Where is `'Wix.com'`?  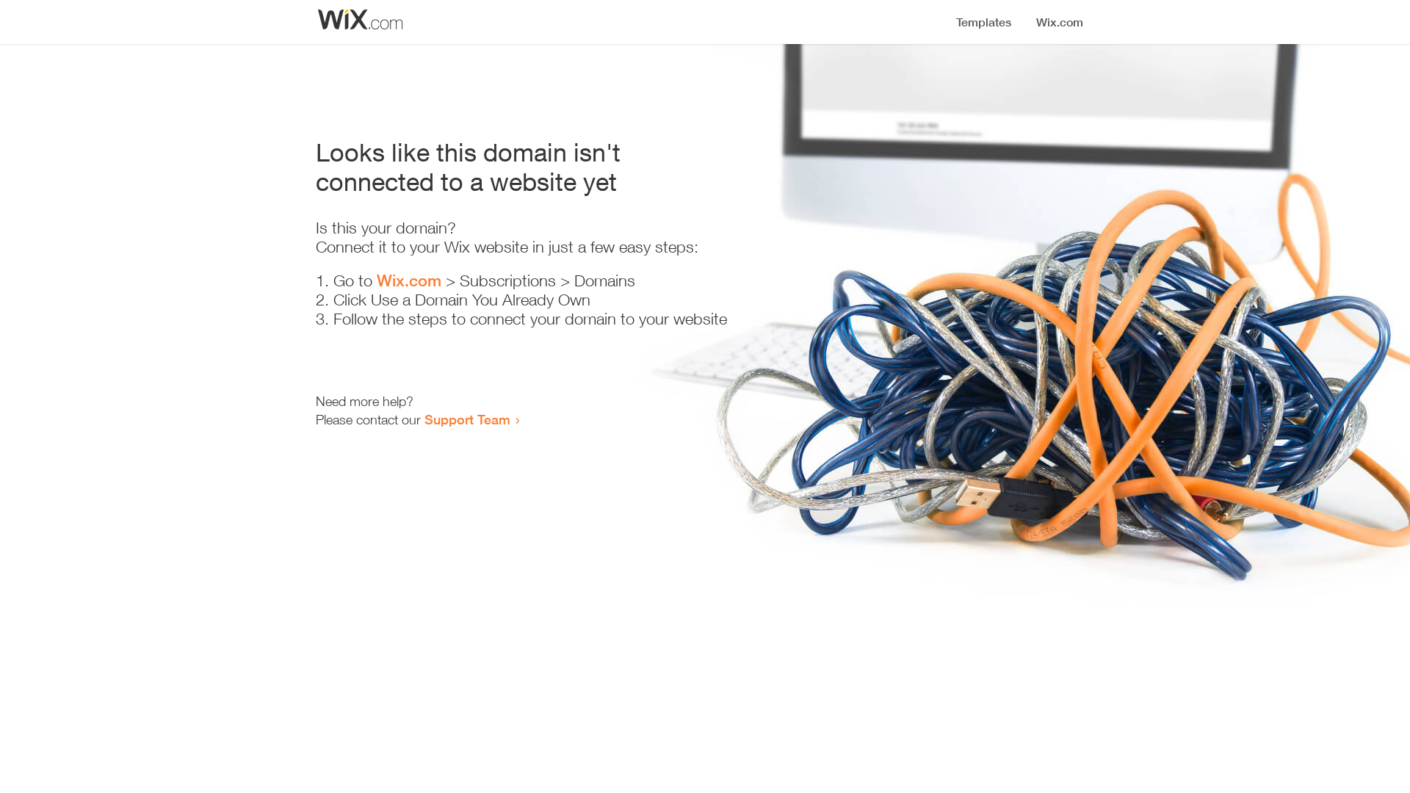 'Wix.com' is located at coordinates (408, 280).